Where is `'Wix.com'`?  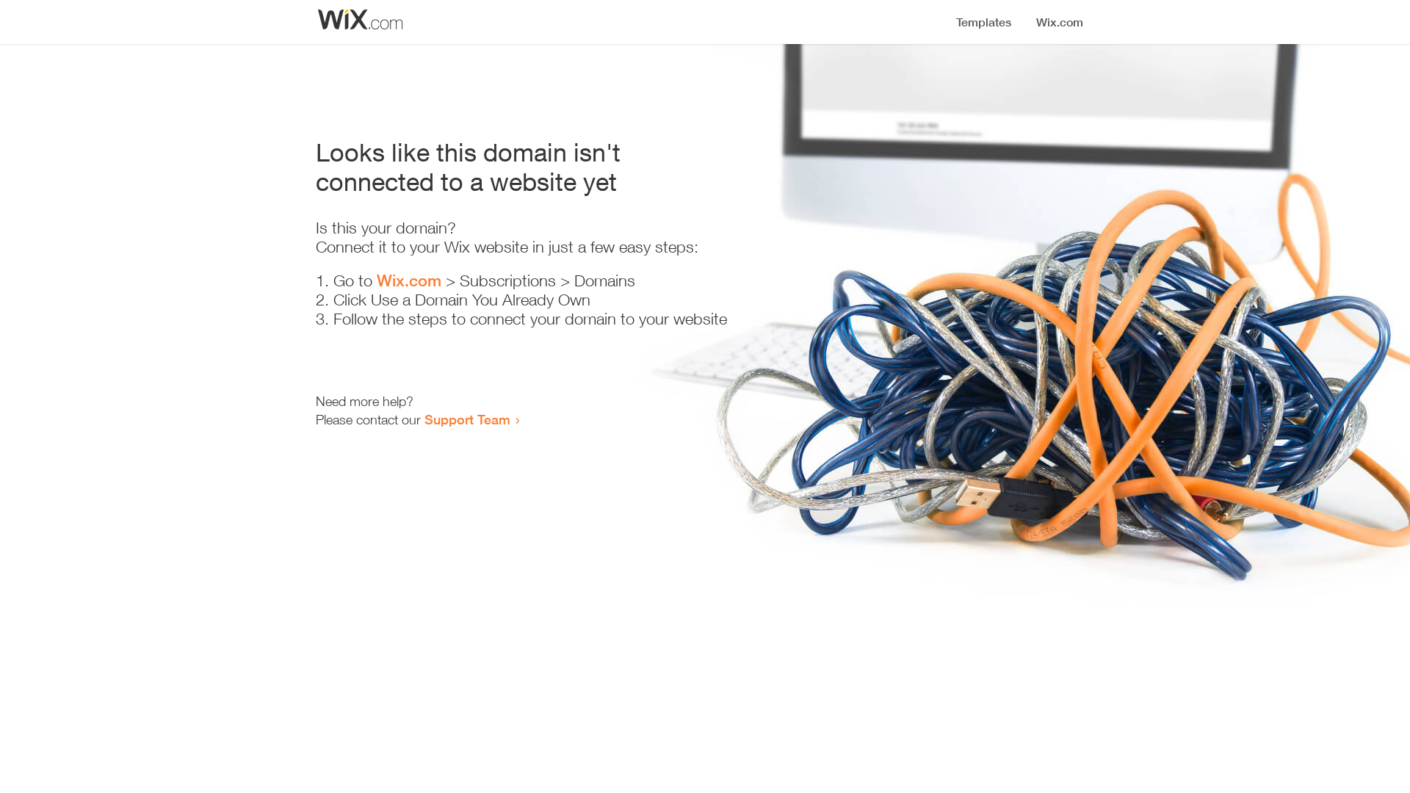 'Wix.com' is located at coordinates (408, 280).